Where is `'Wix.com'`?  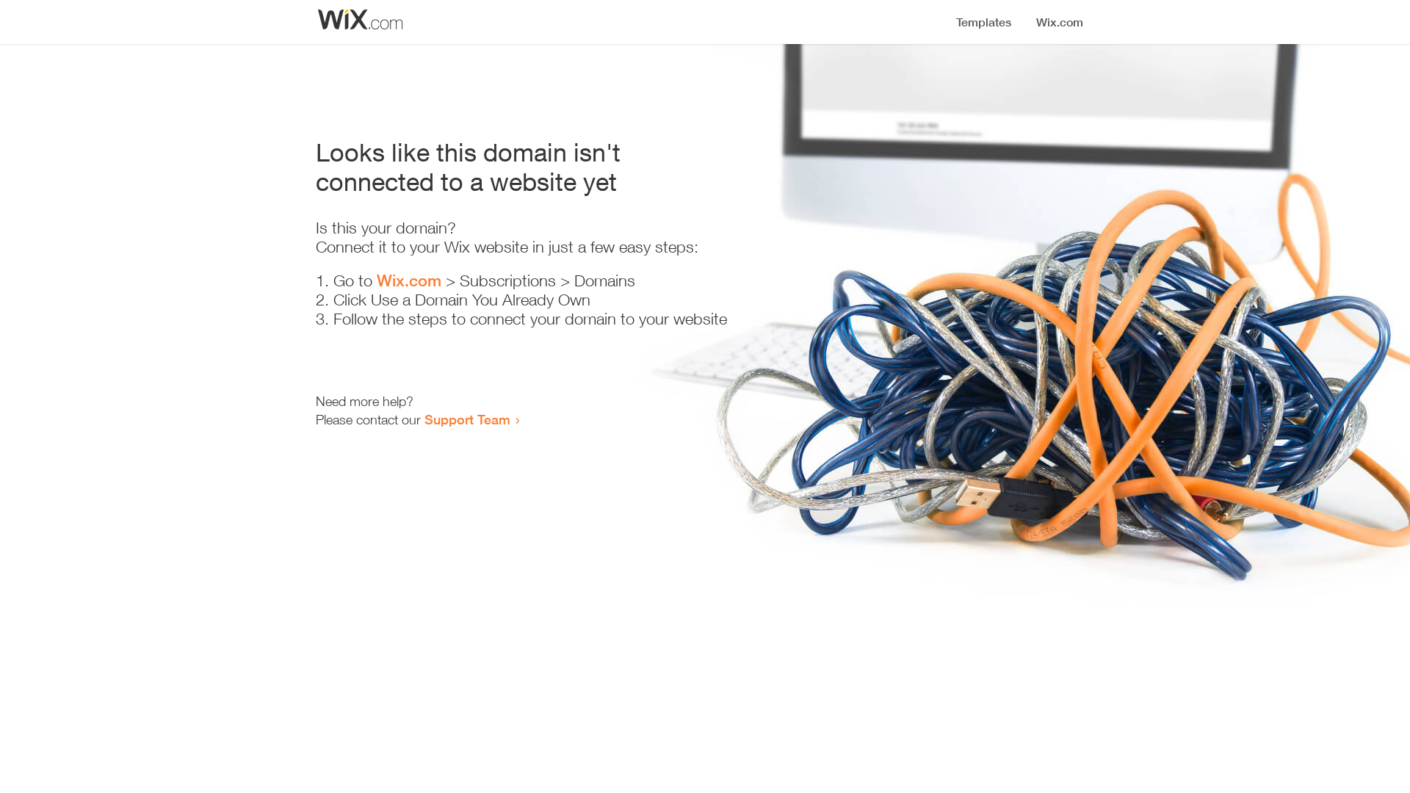 'Wix.com' is located at coordinates (408, 280).